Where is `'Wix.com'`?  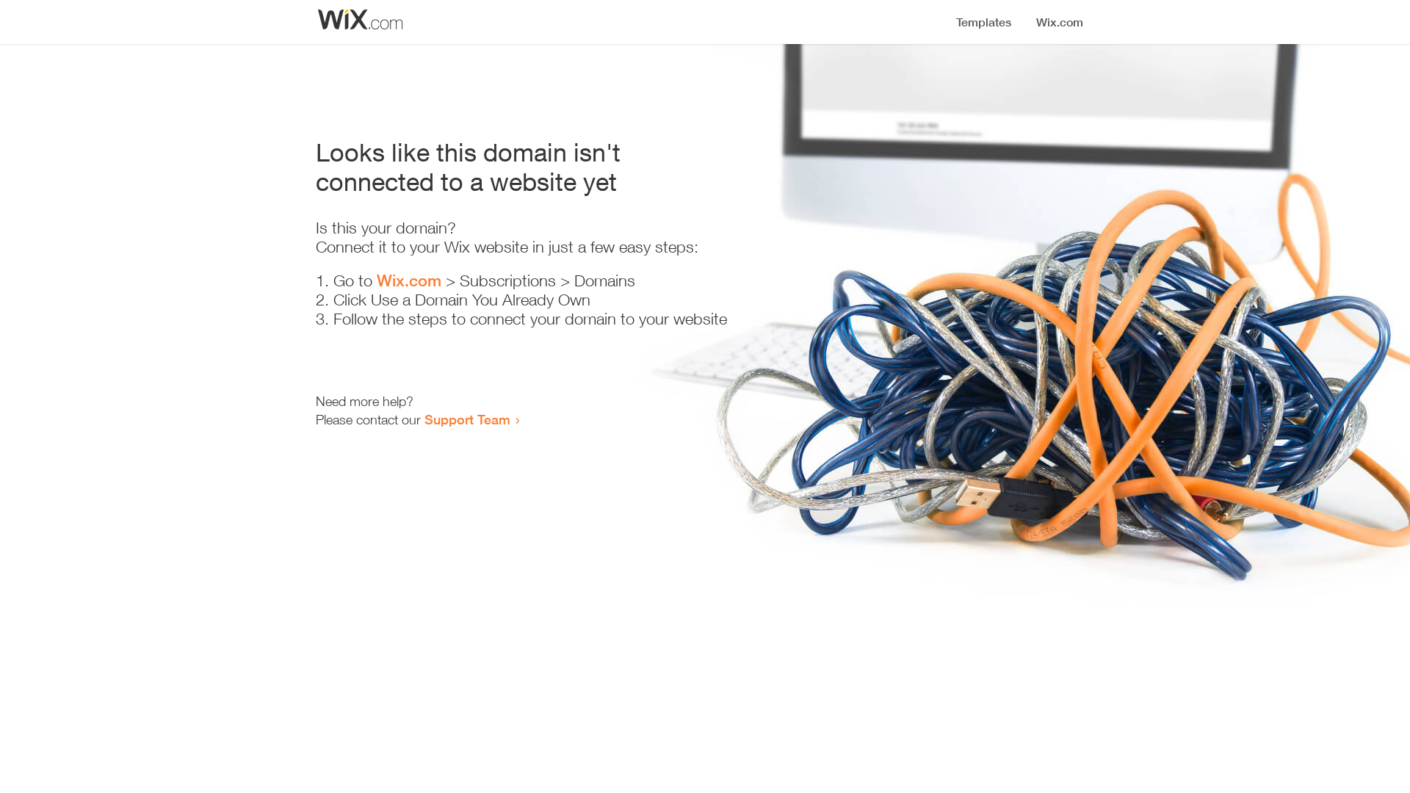 'Wix.com' is located at coordinates (408, 280).